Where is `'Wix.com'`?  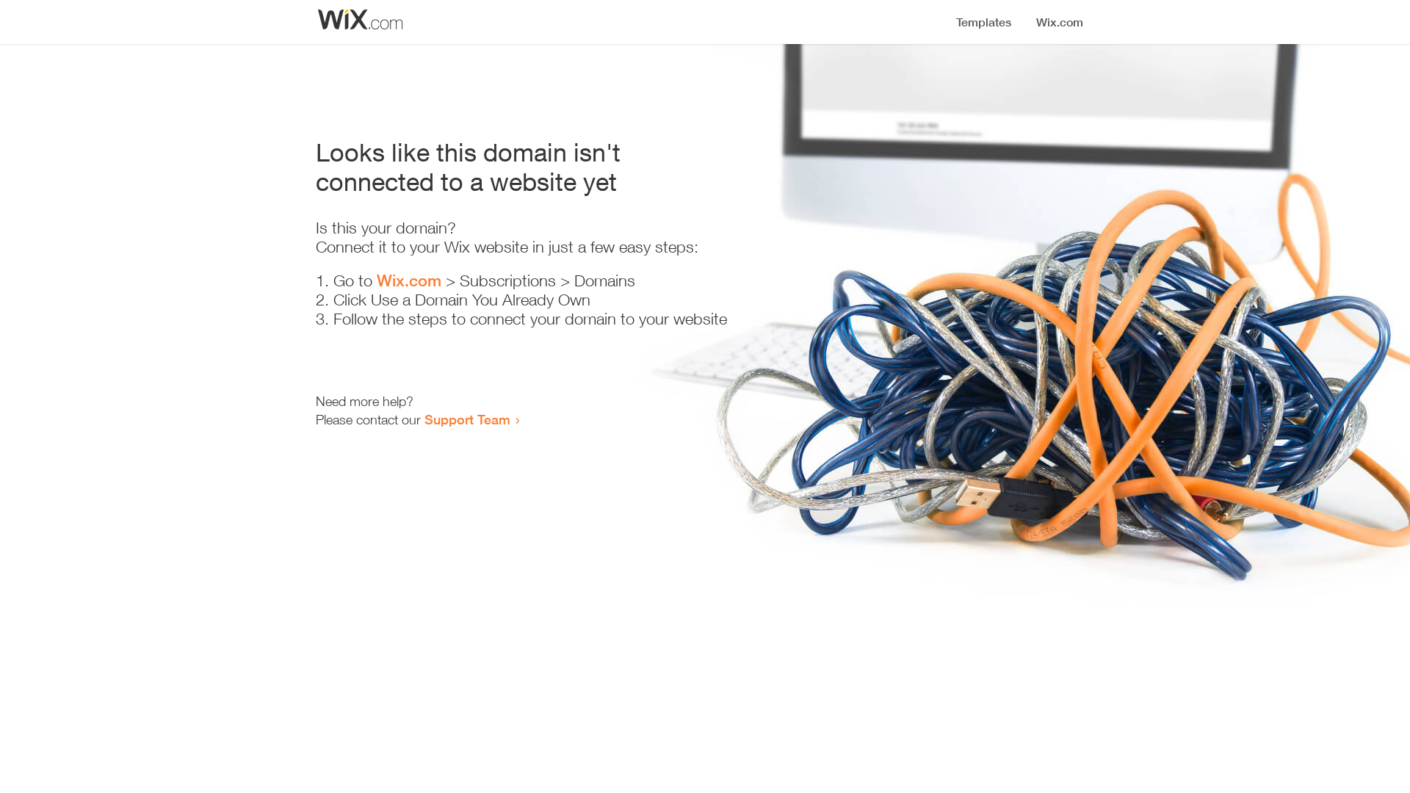 'Wix.com' is located at coordinates (408, 280).